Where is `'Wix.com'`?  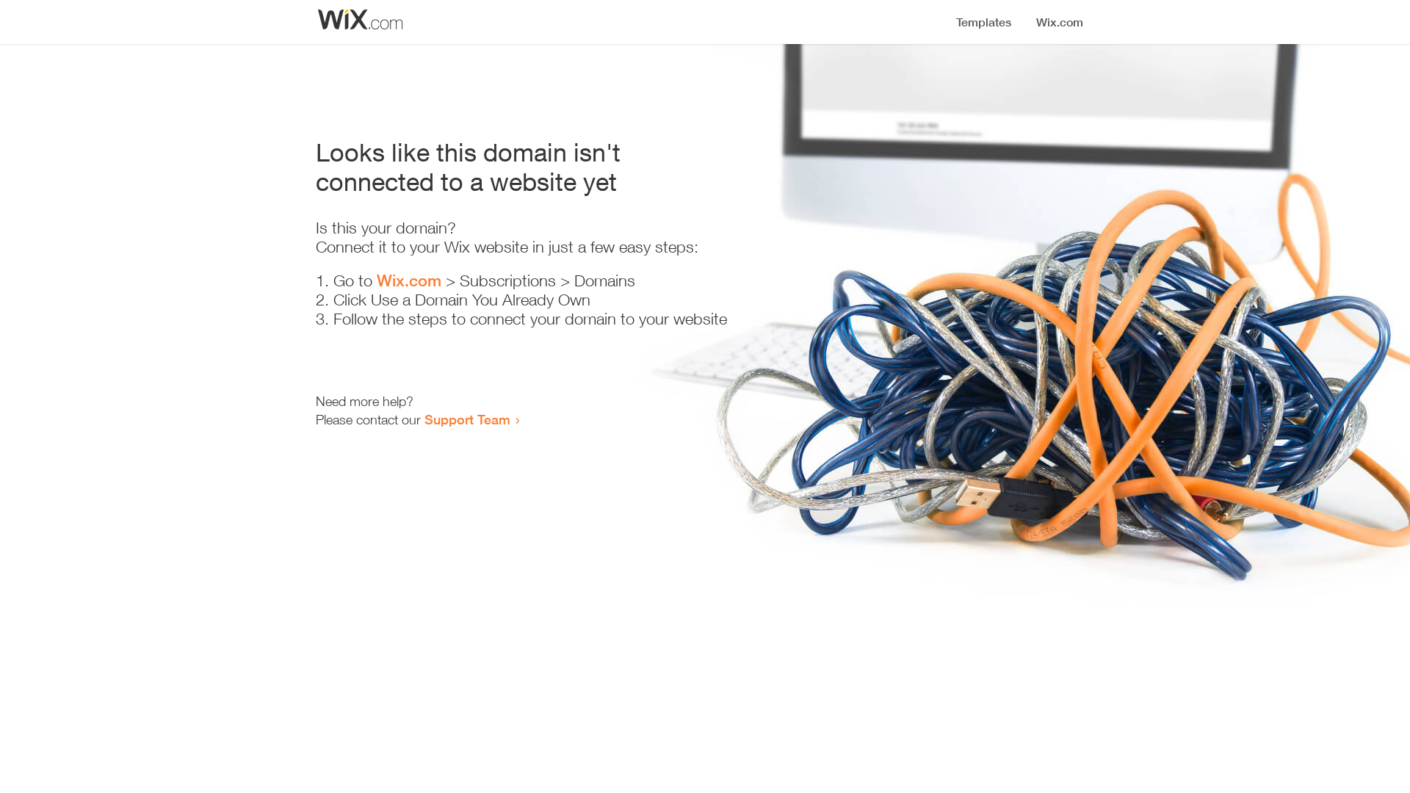 'Wix.com' is located at coordinates (408, 280).